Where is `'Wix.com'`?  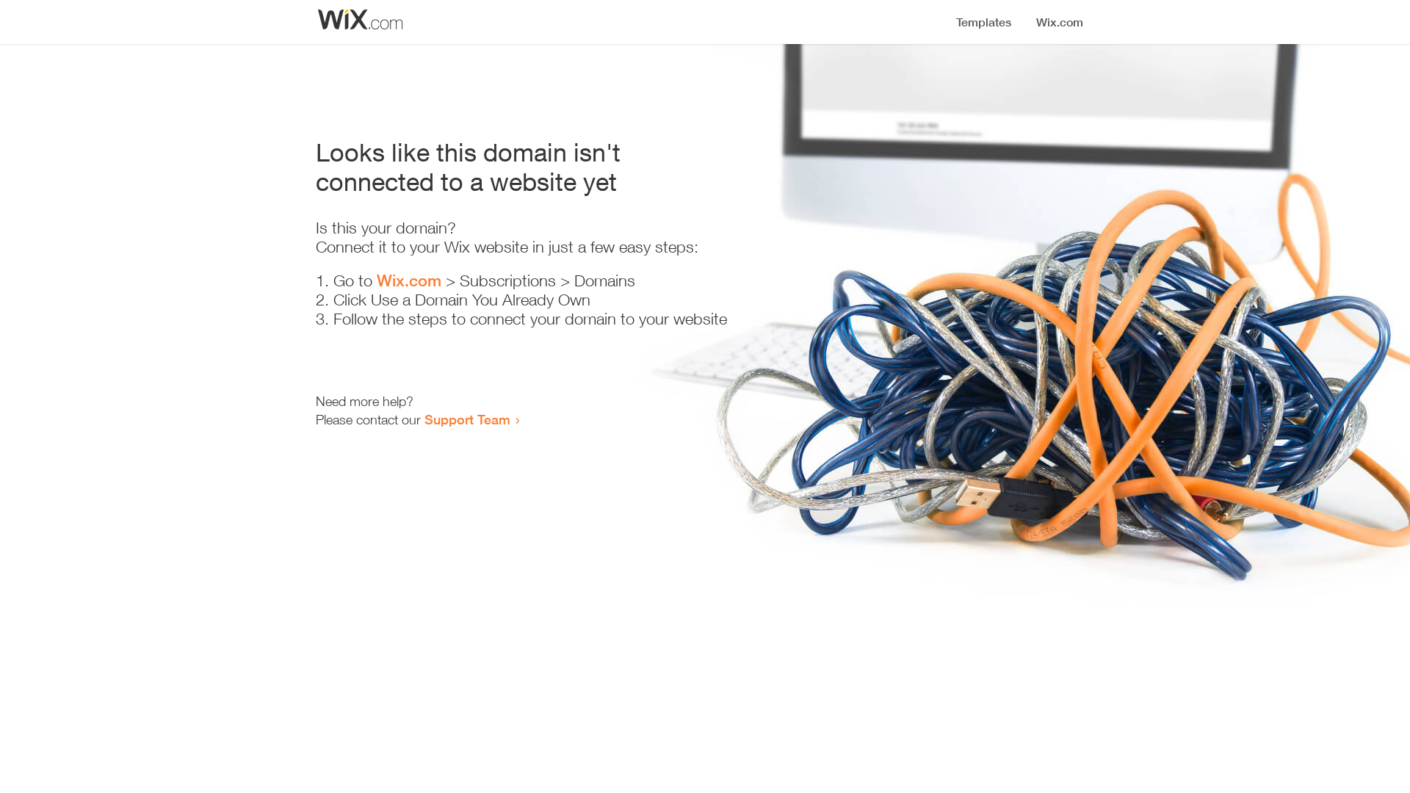 'Wix.com' is located at coordinates (408, 280).